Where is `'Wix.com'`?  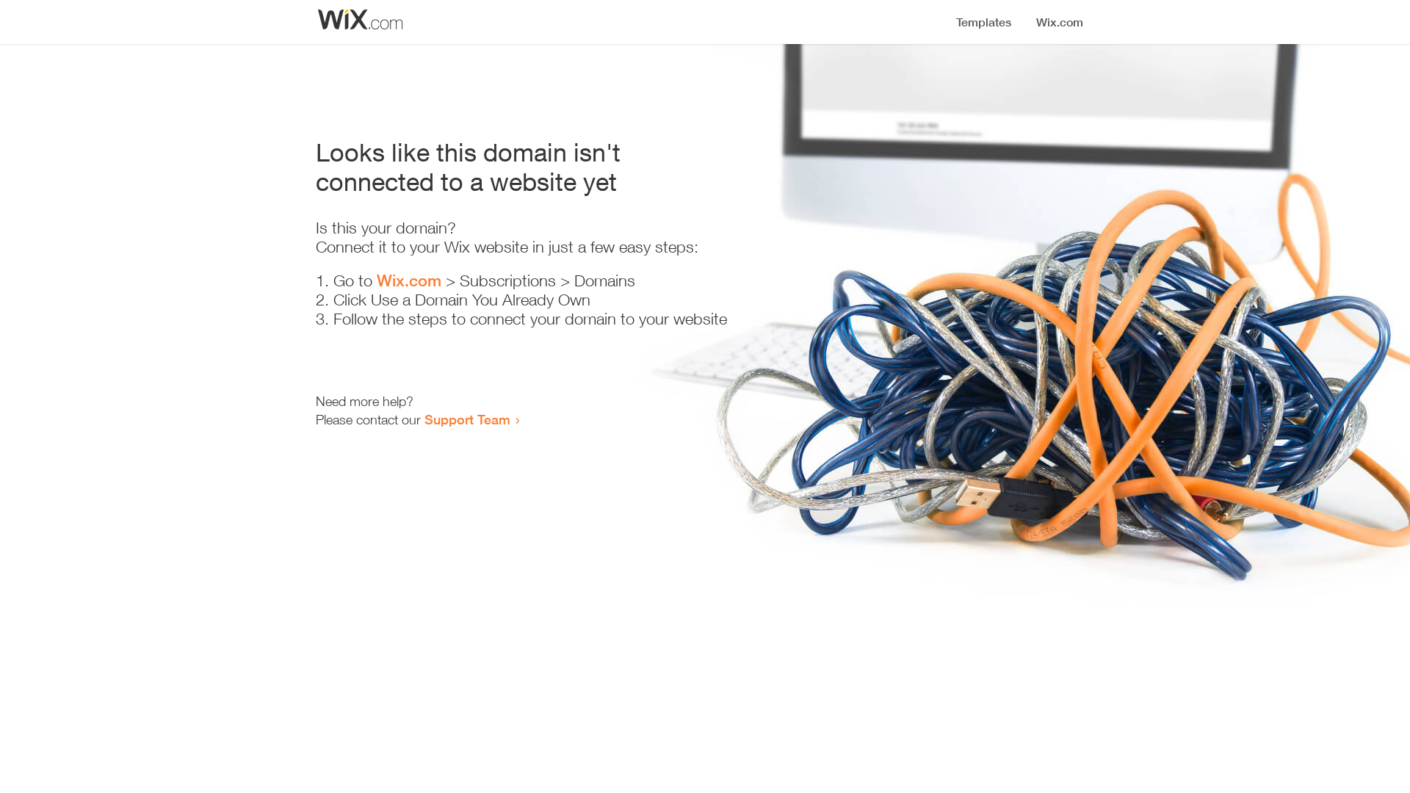 'Wix.com' is located at coordinates (408, 280).